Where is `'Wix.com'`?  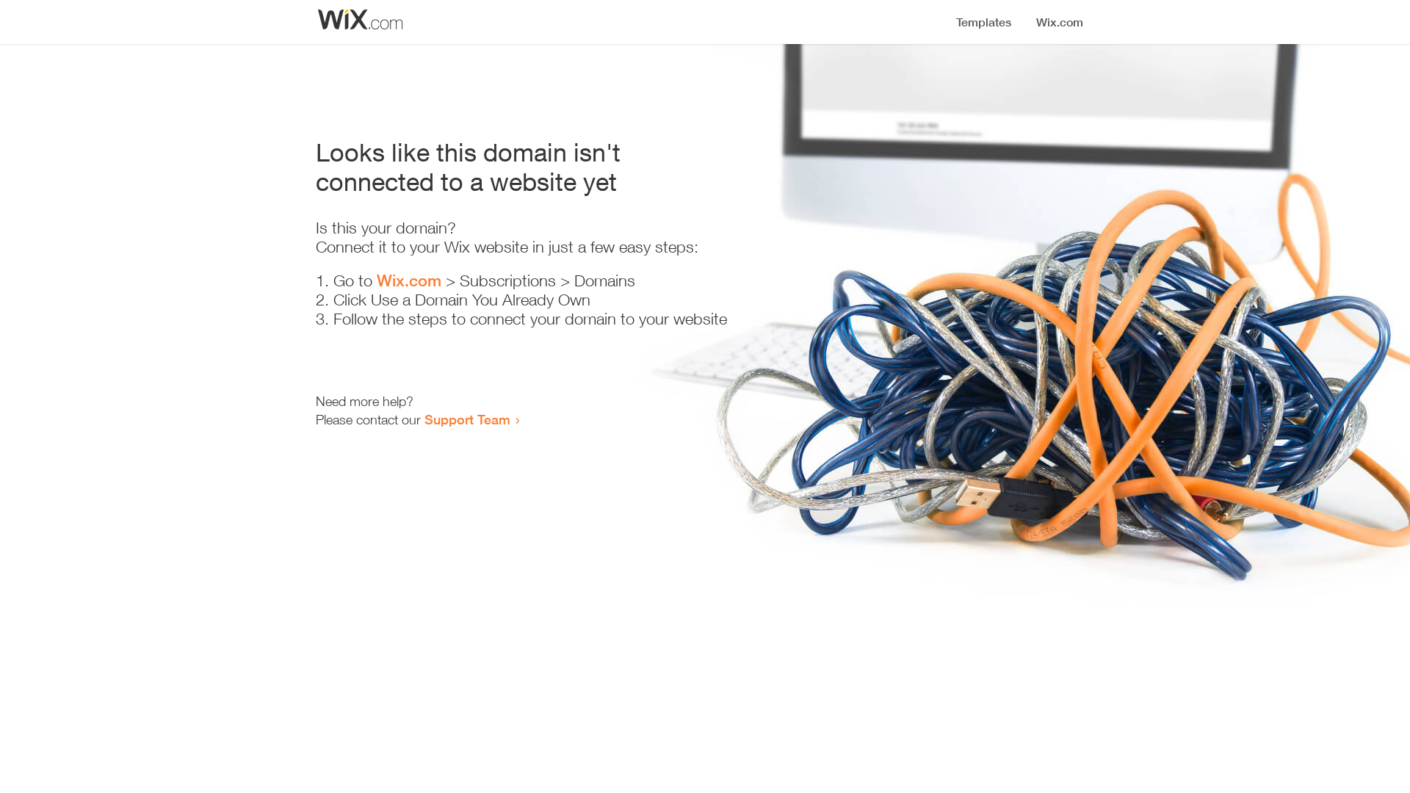 'Wix.com' is located at coordinates (408, 280).